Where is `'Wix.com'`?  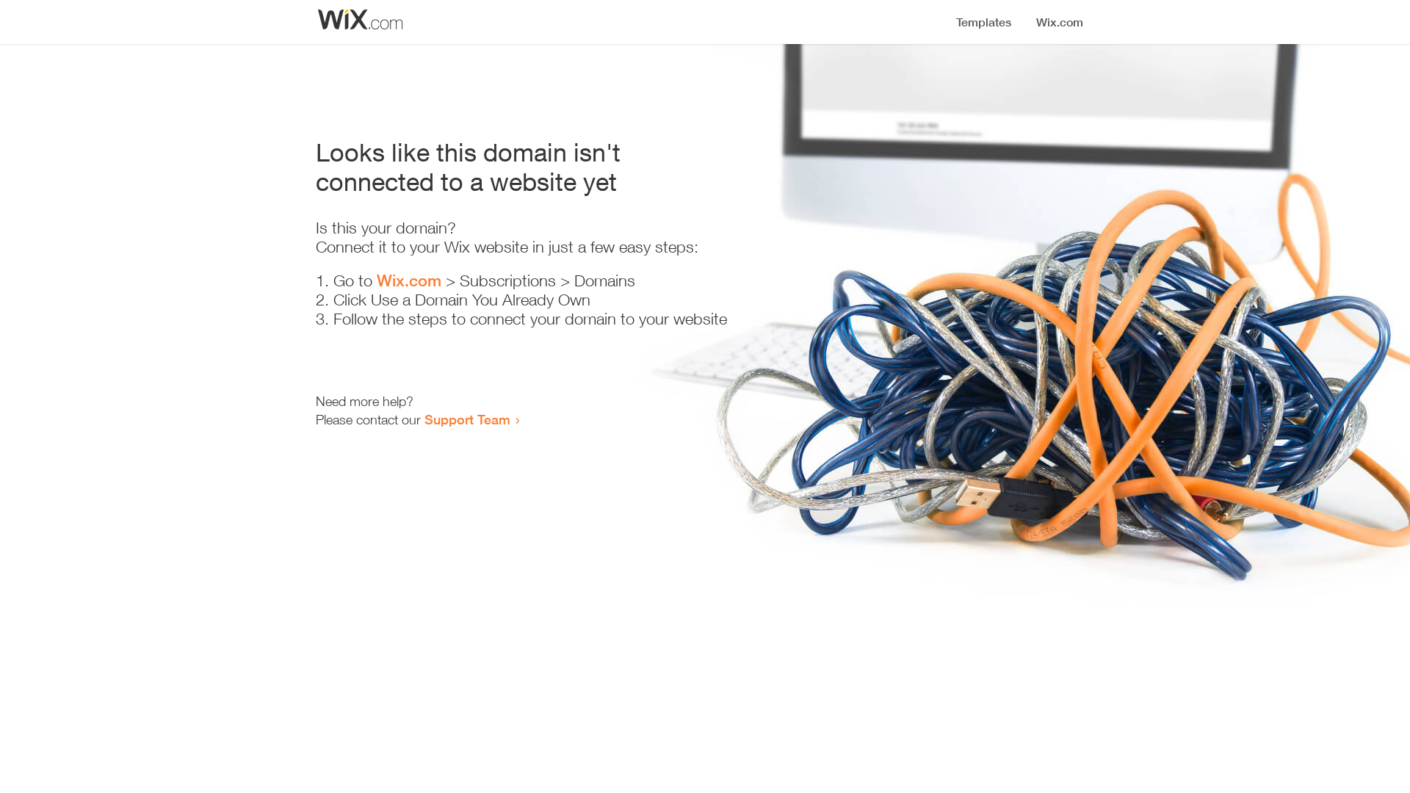 'Wix.com' is located at coordinates (408, 280).